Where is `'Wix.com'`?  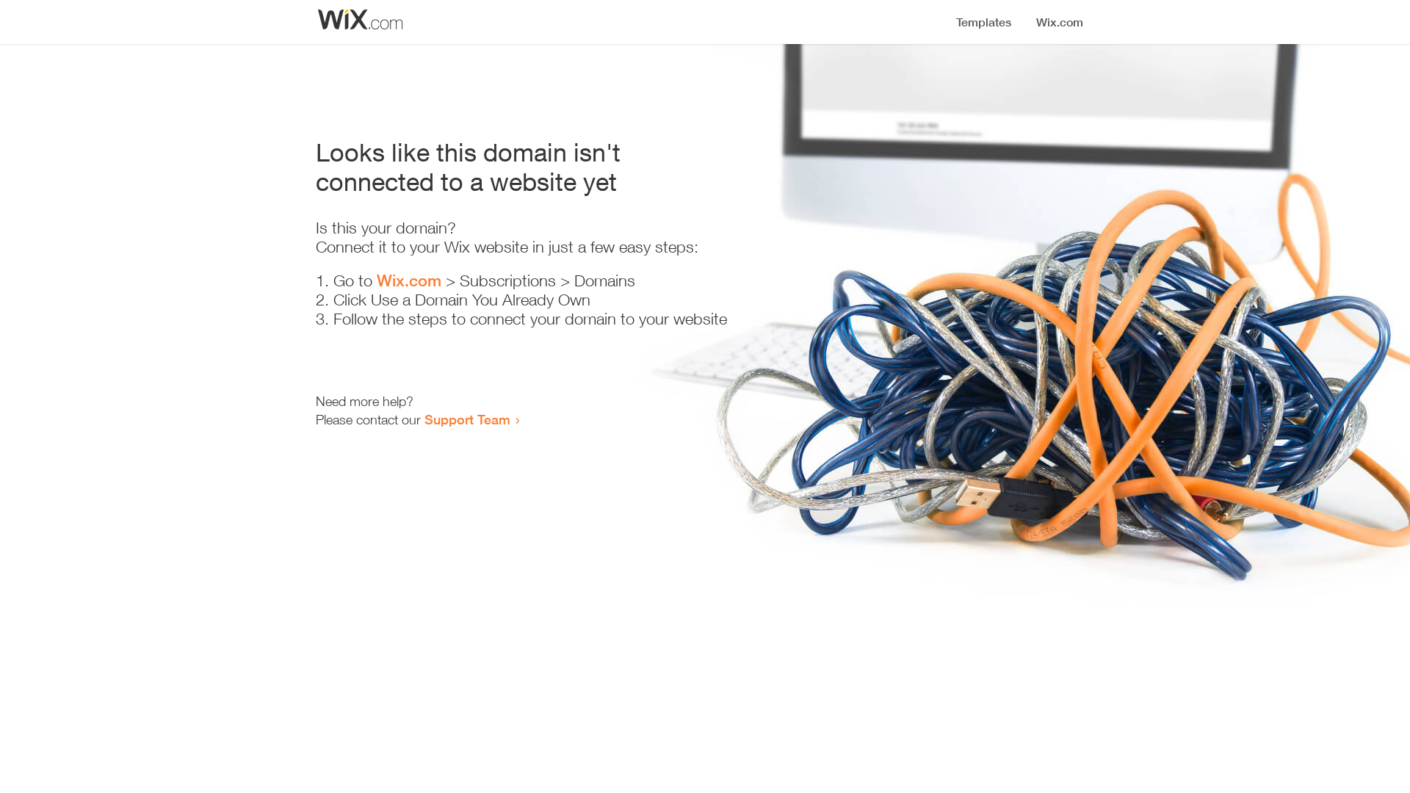 'Wix.com' is located at coordinates (408, 280).